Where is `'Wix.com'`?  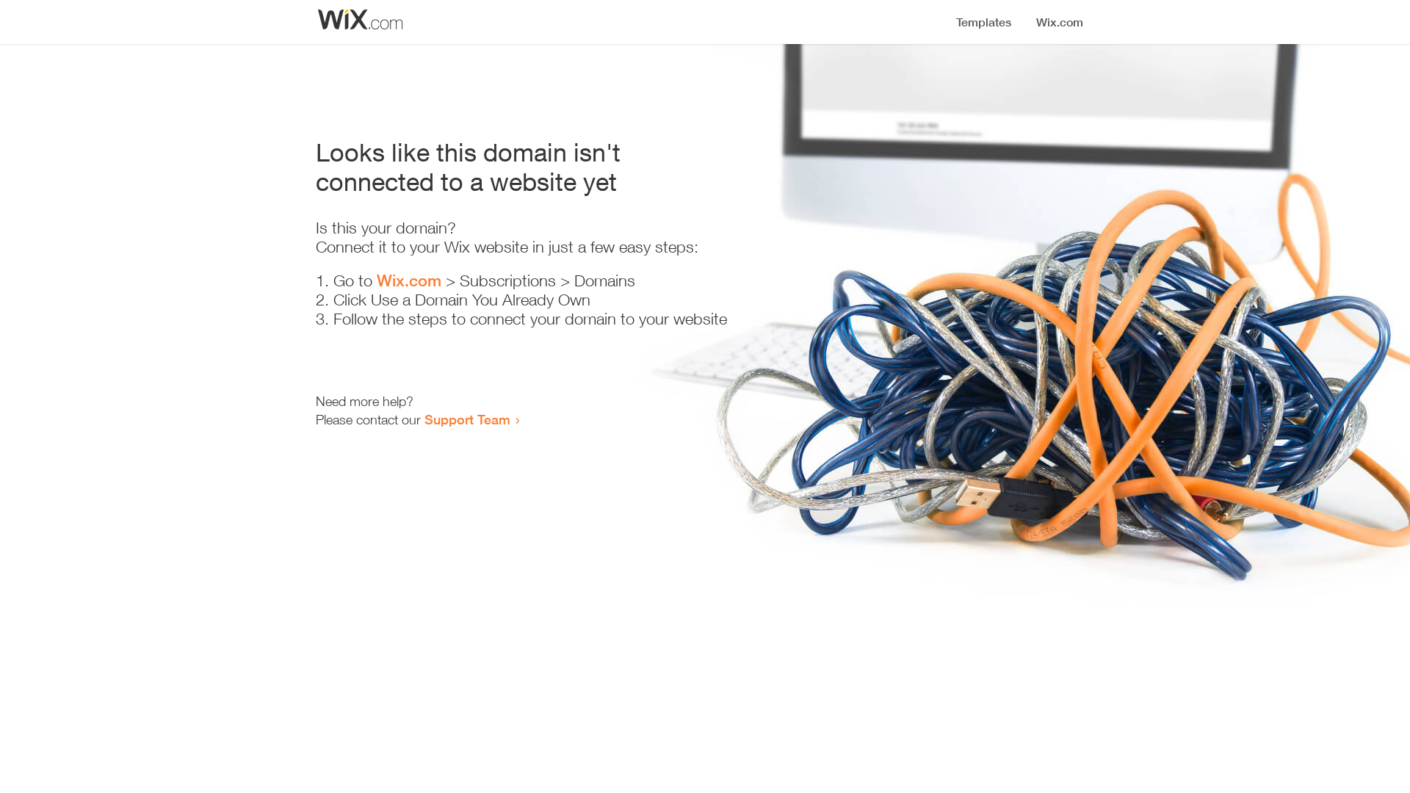 'Wix.com' is located at coordinates (408, 280).